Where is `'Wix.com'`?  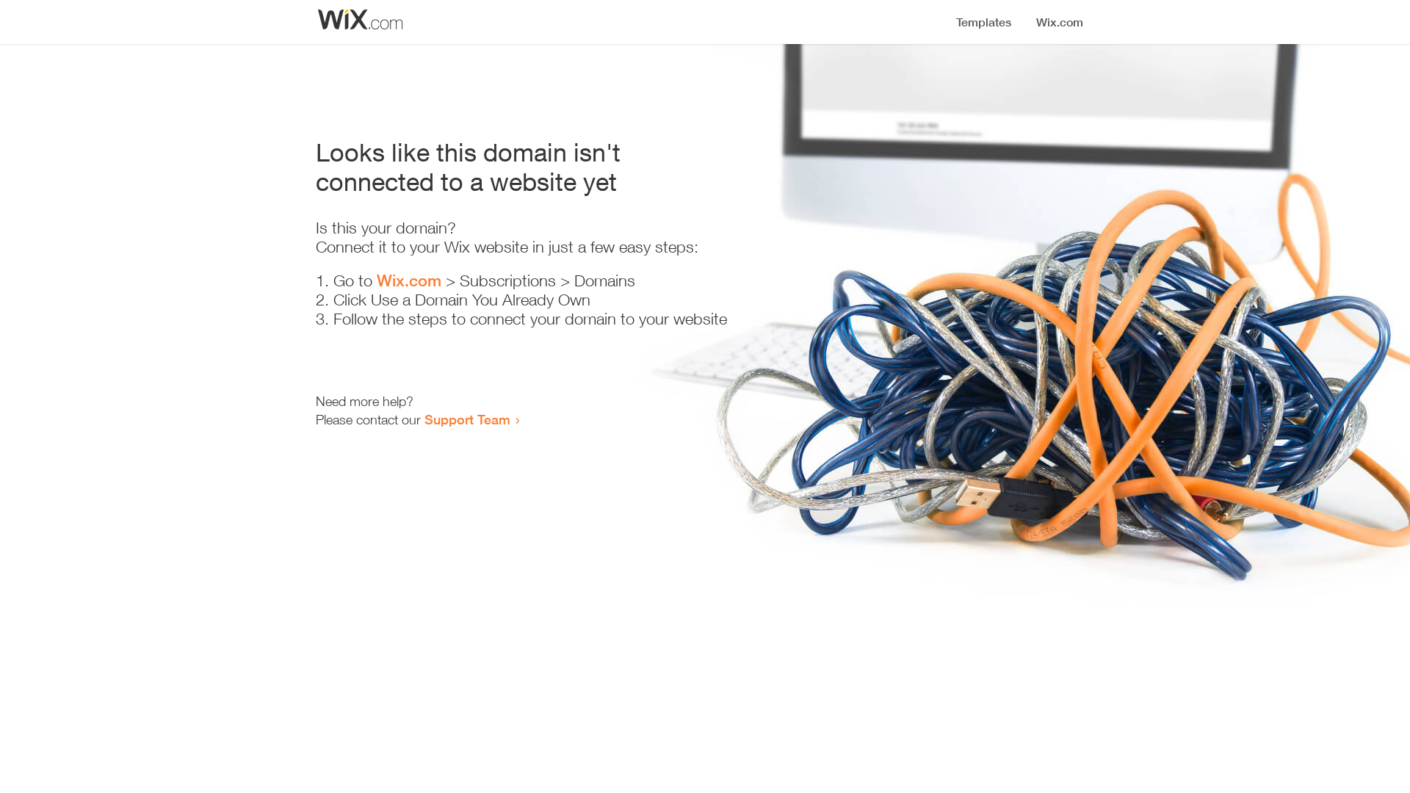 'Wix.com' is located at coordinates (408, 280).